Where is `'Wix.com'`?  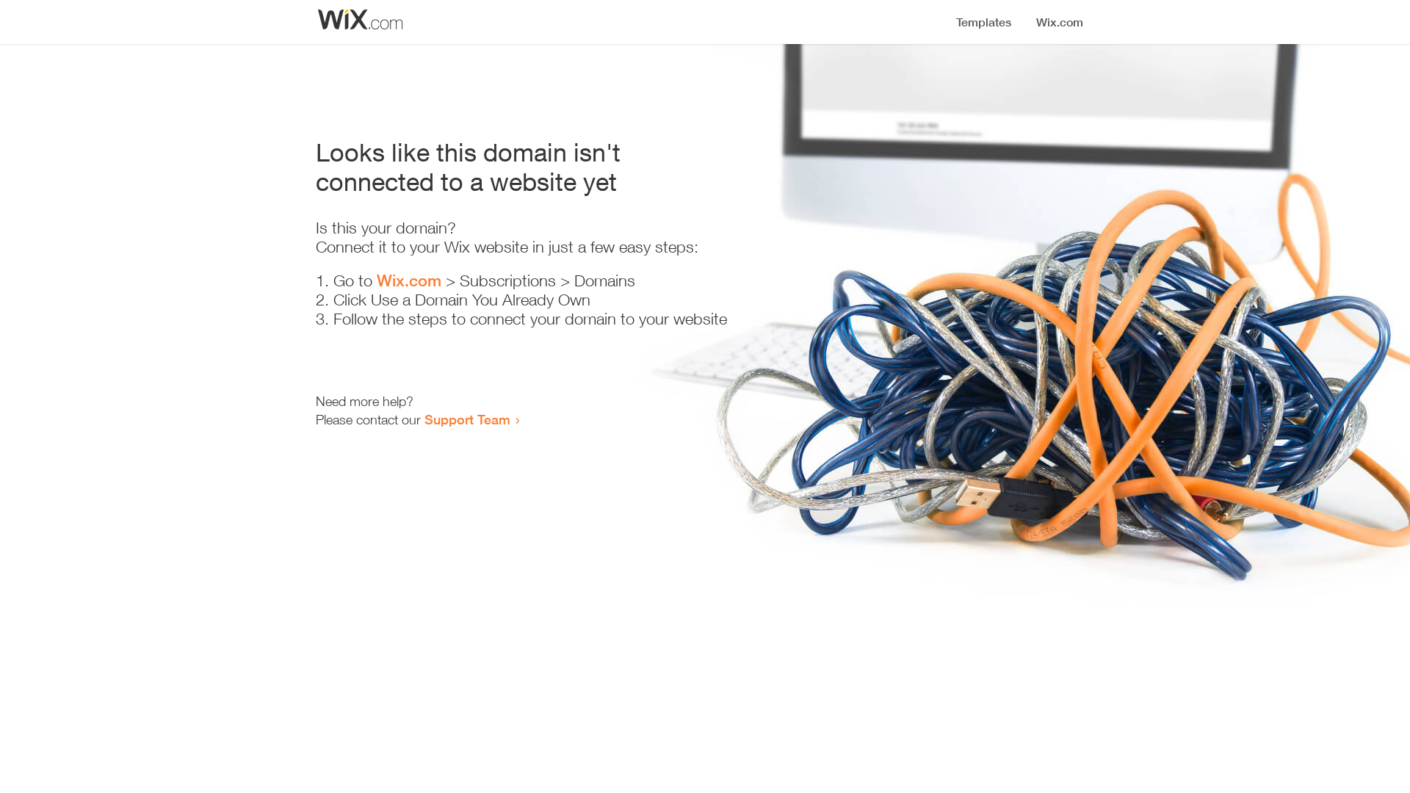 'Wix.com' is located at coordinates (408, 280).